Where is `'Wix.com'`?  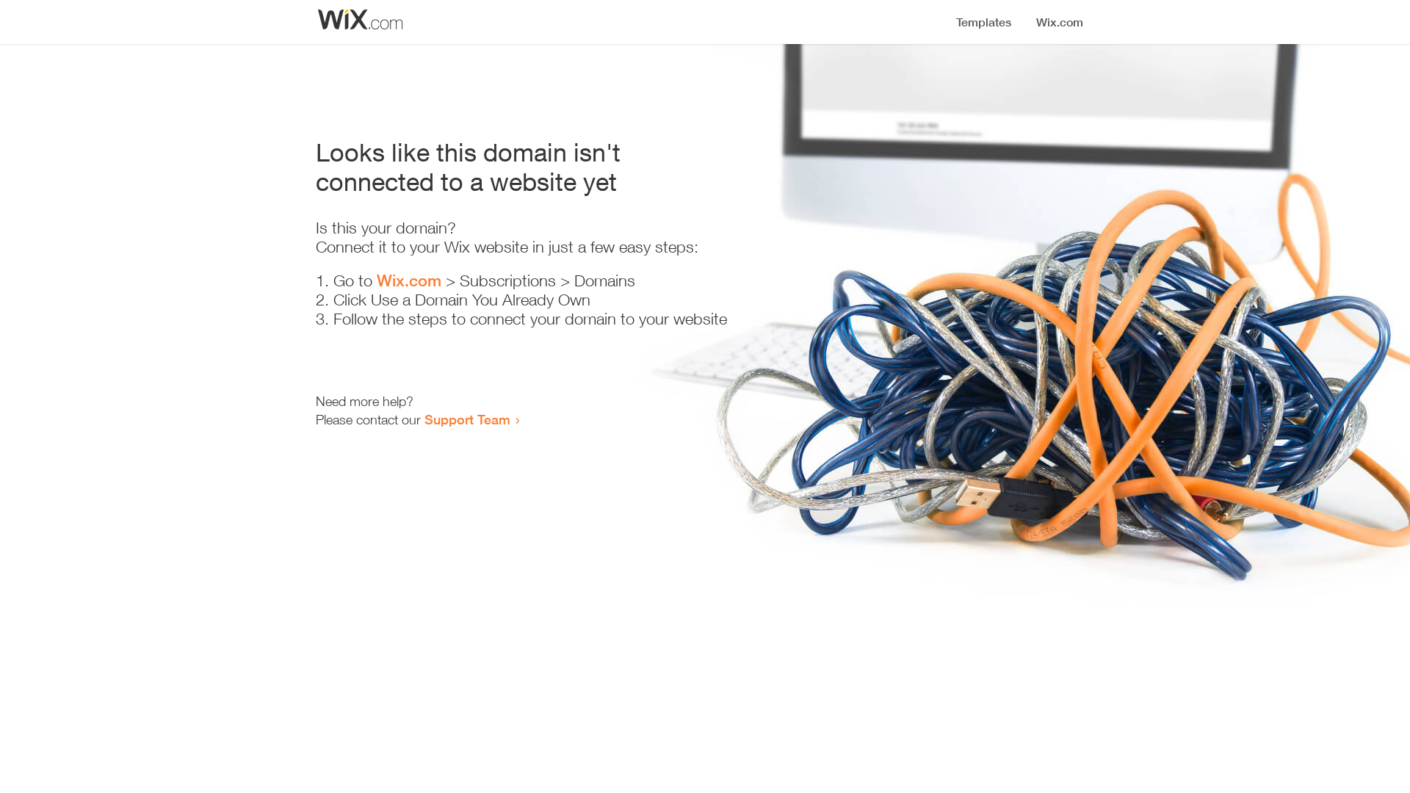 'Wix.com' is located at coordinates (408, 280).